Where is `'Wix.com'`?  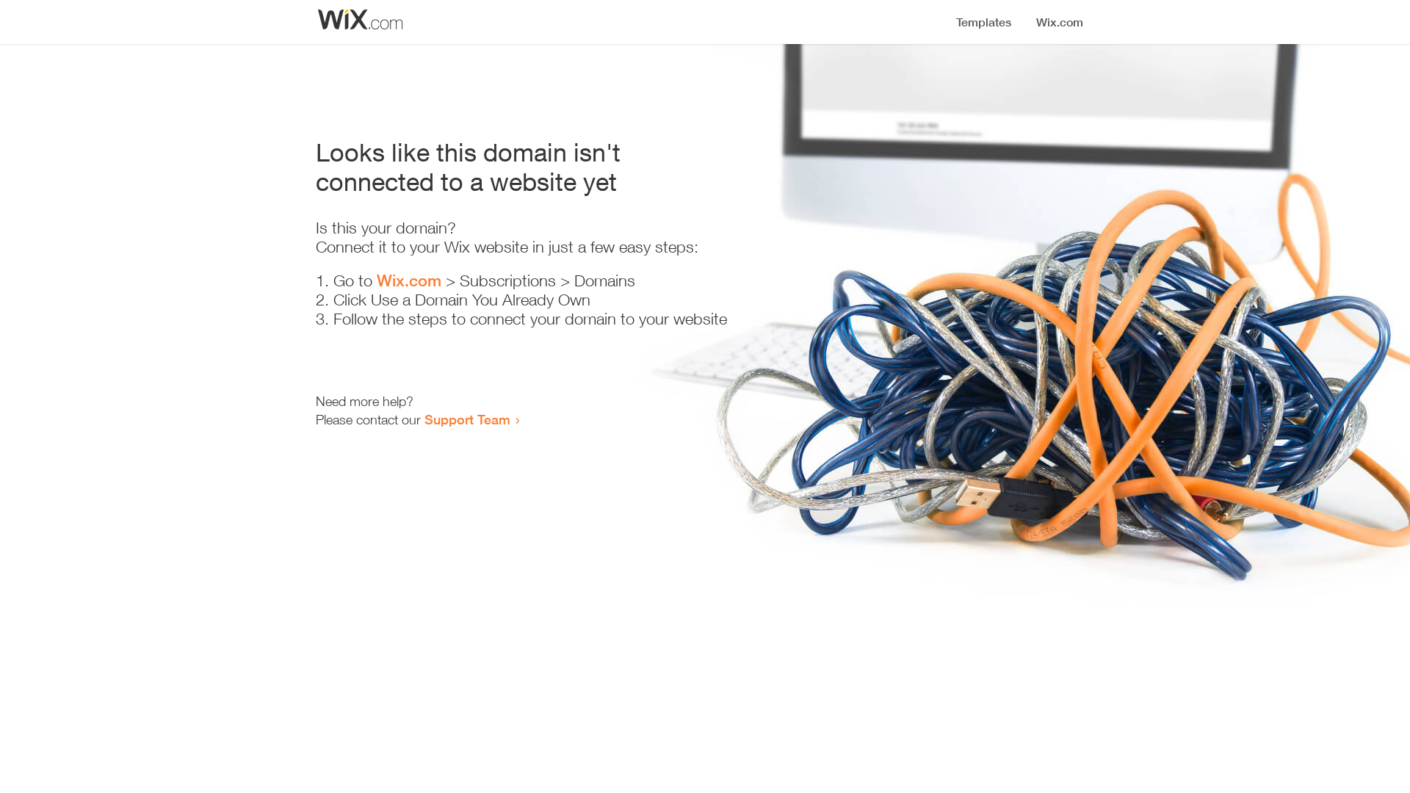 'Wix.com' is located at coordinates (408, 280).